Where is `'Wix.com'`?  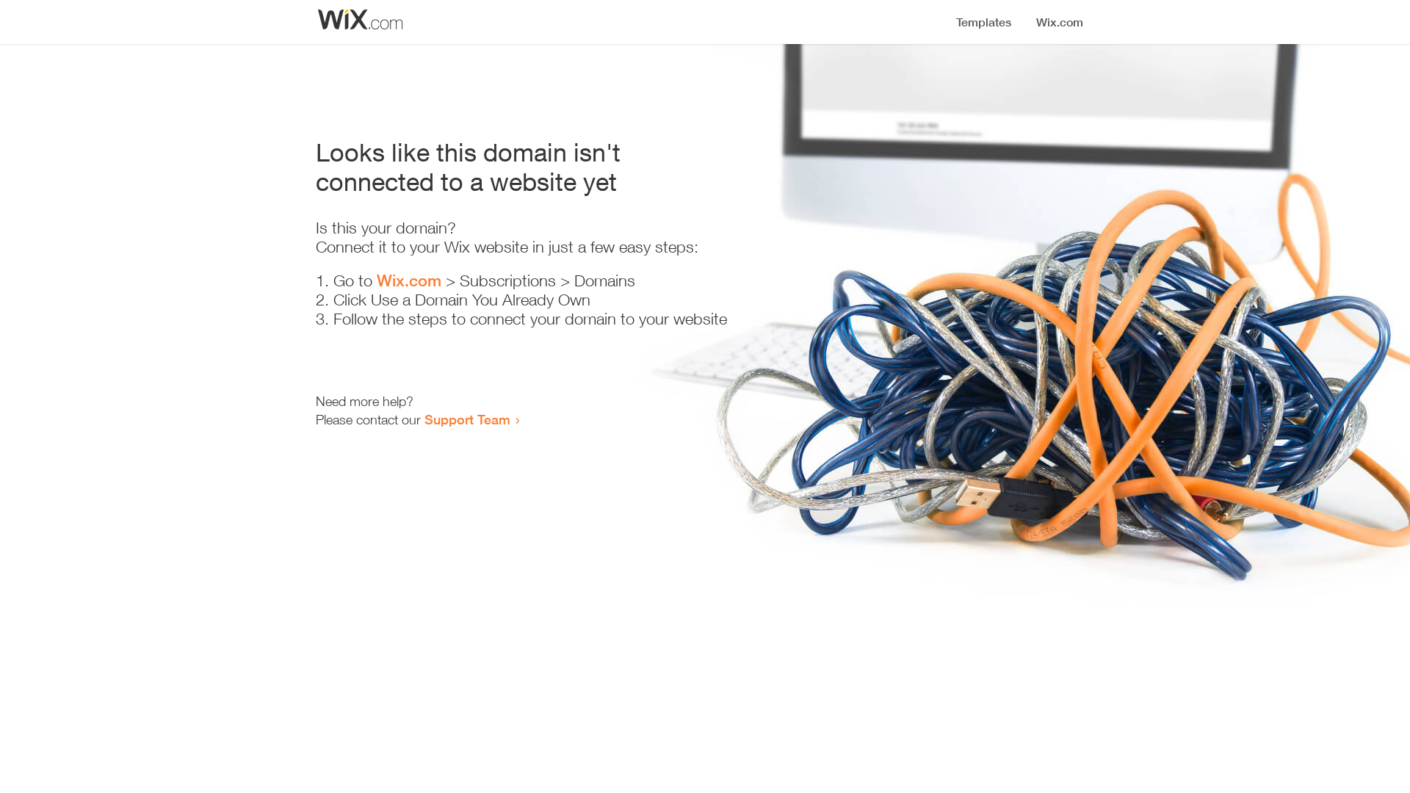 'Wix.com' is located at coordinates (408, 280).